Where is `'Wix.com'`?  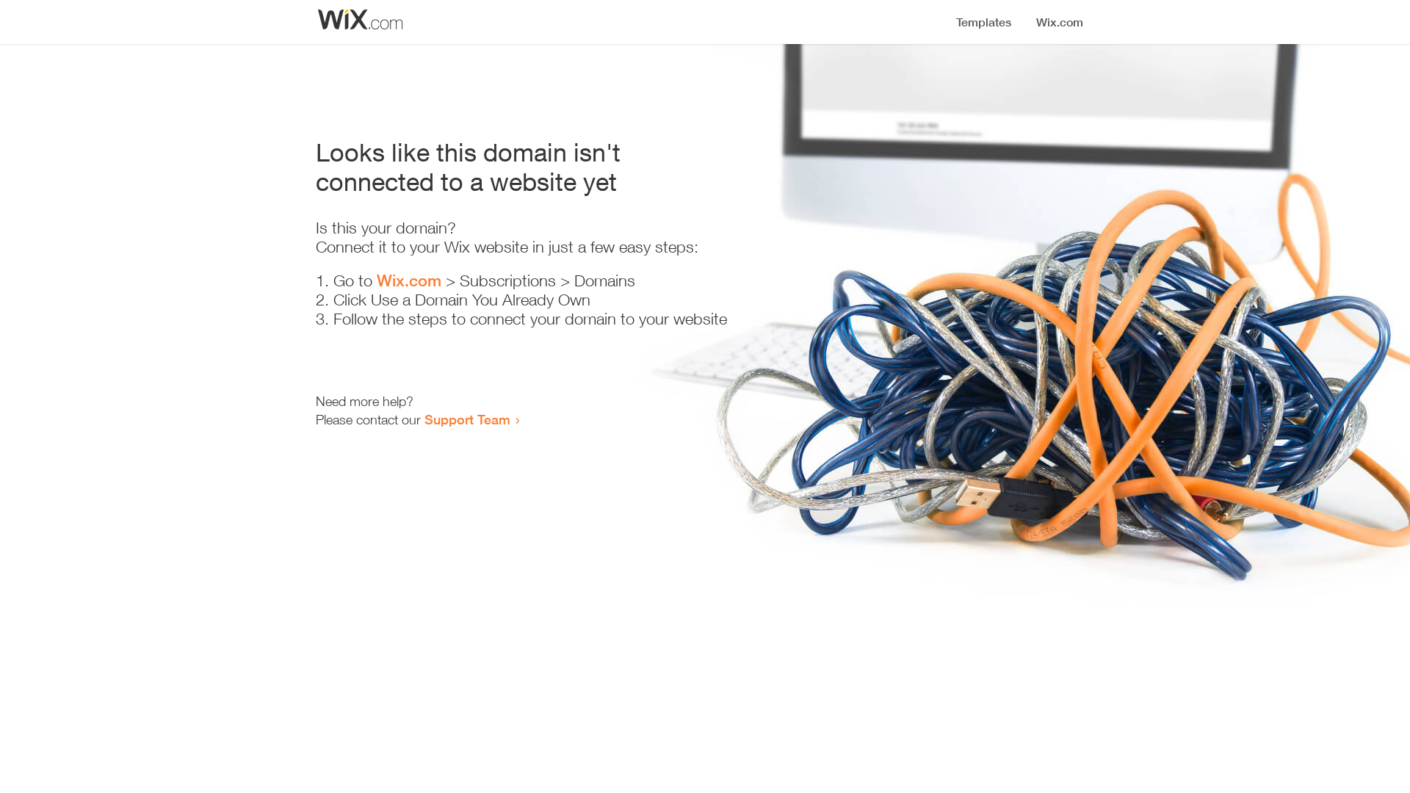 'Wix.com' is located at coordinates (408, 280).